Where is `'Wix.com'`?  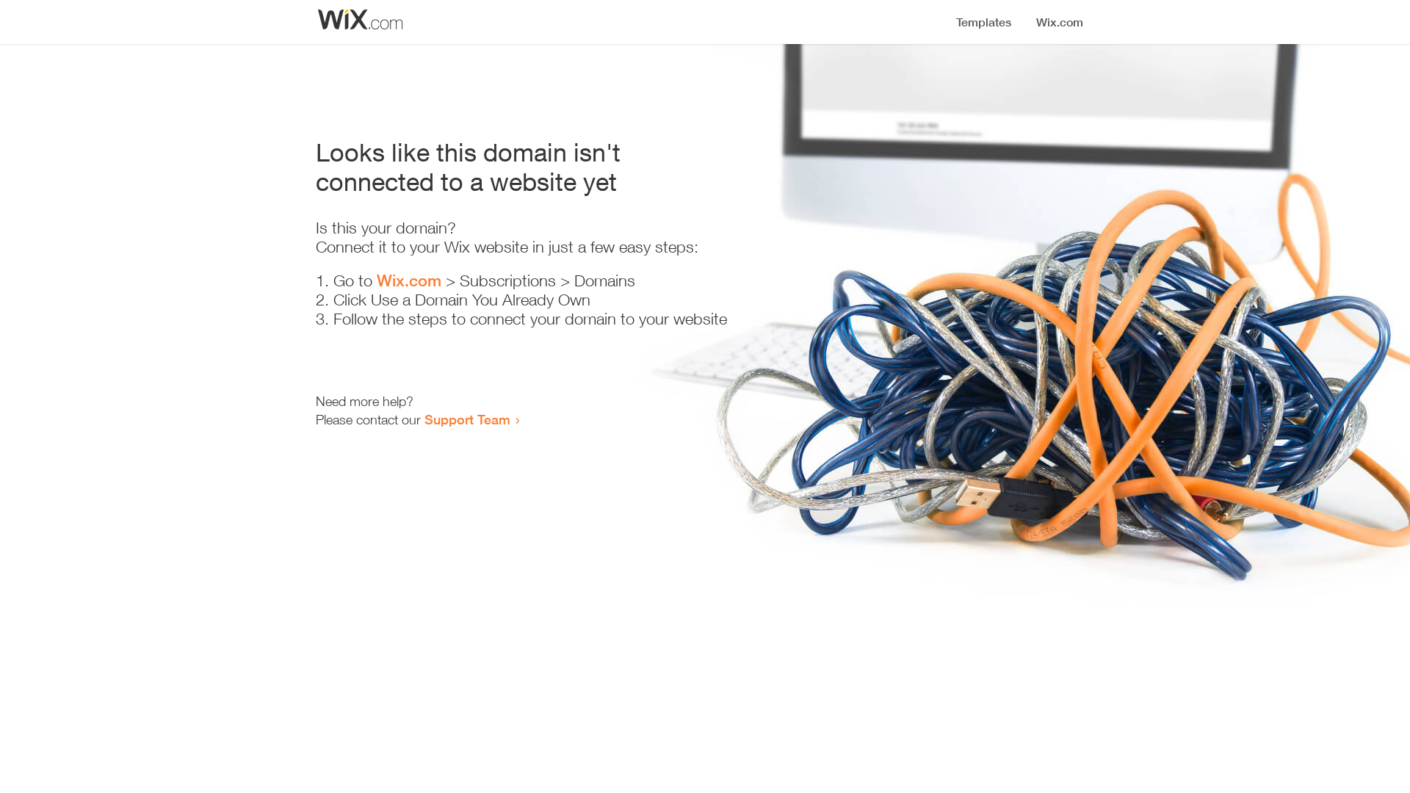 'Wix.com' is located at coordinates (408, 280).